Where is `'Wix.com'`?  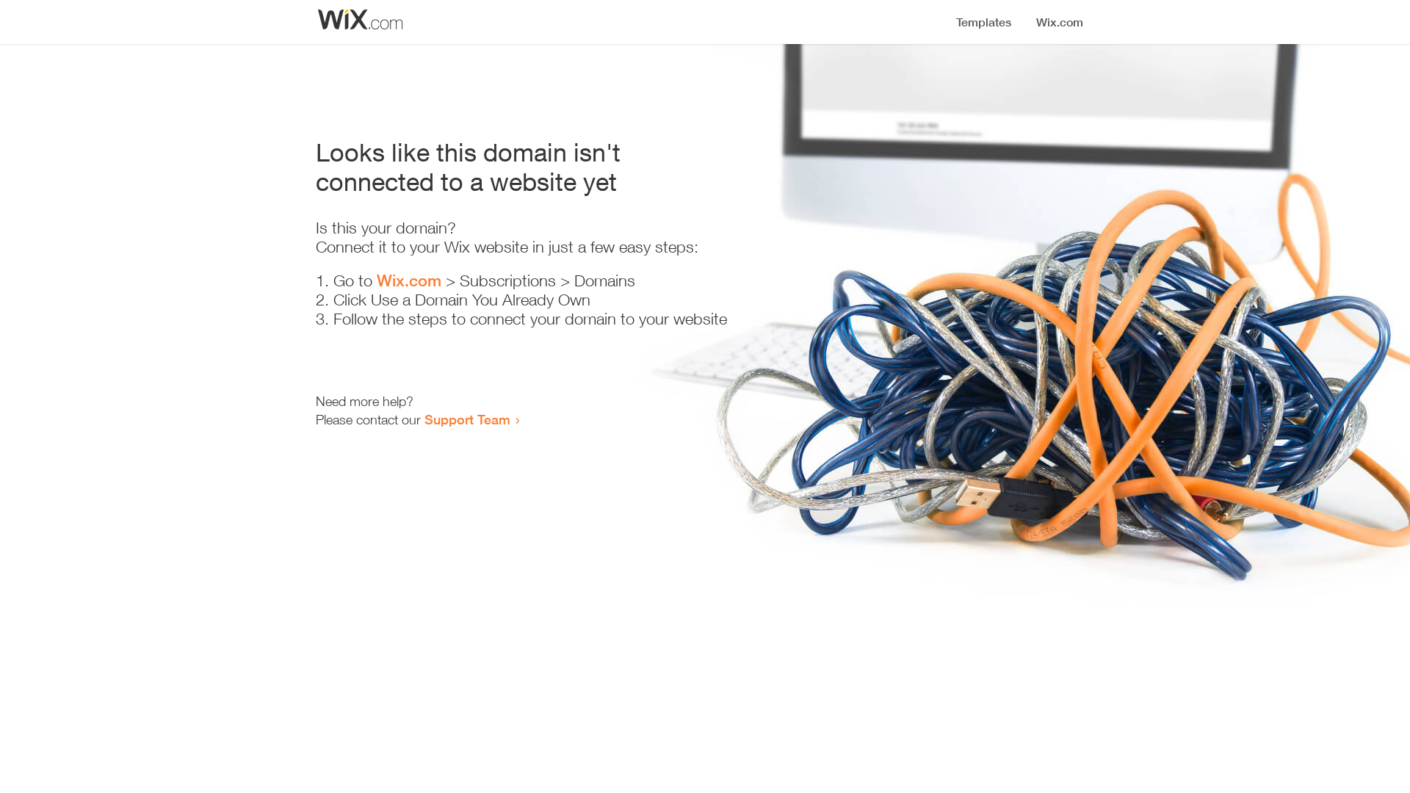 'Wix.com' is located at coordinates (408, 280).